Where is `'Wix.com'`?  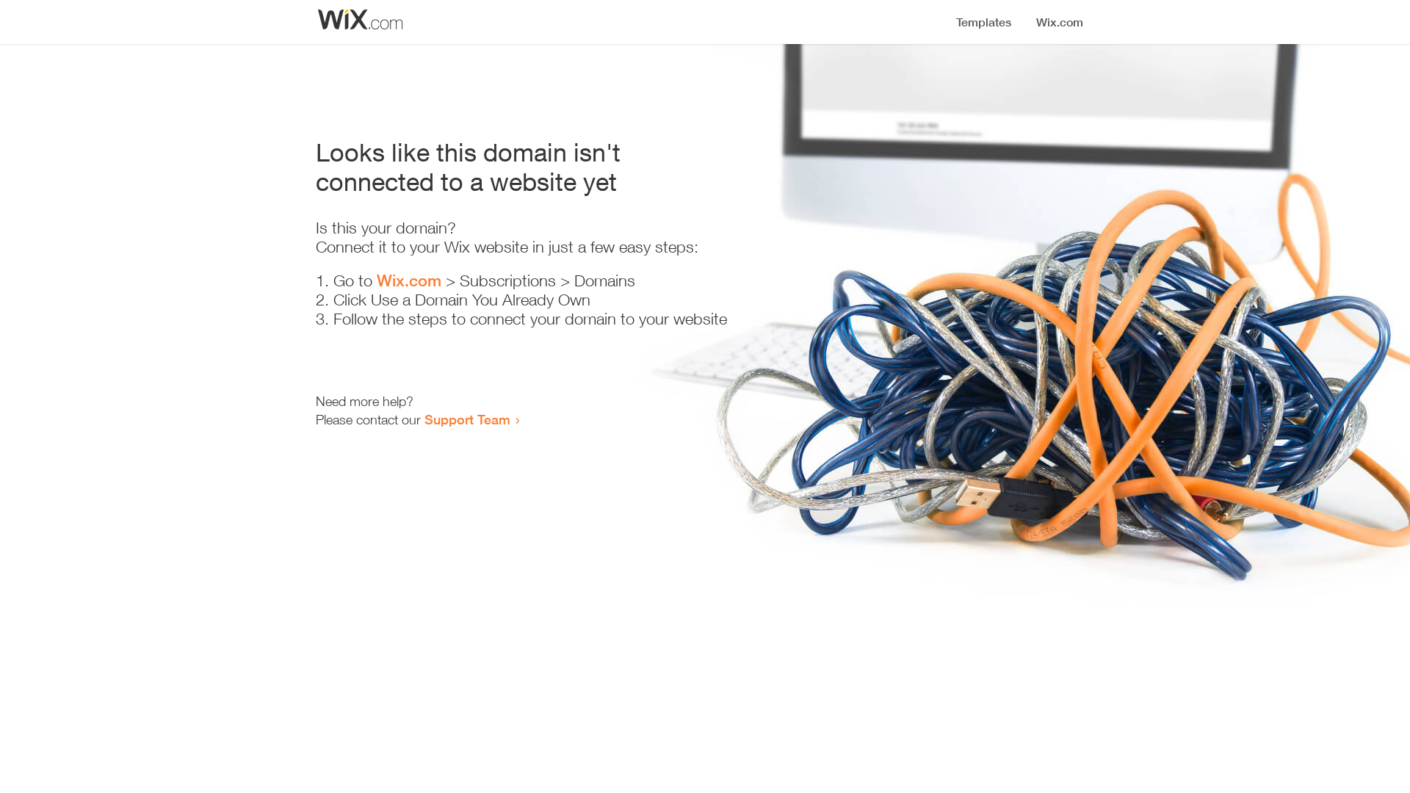 'Wix.com' is located at coordinates (408, 280).